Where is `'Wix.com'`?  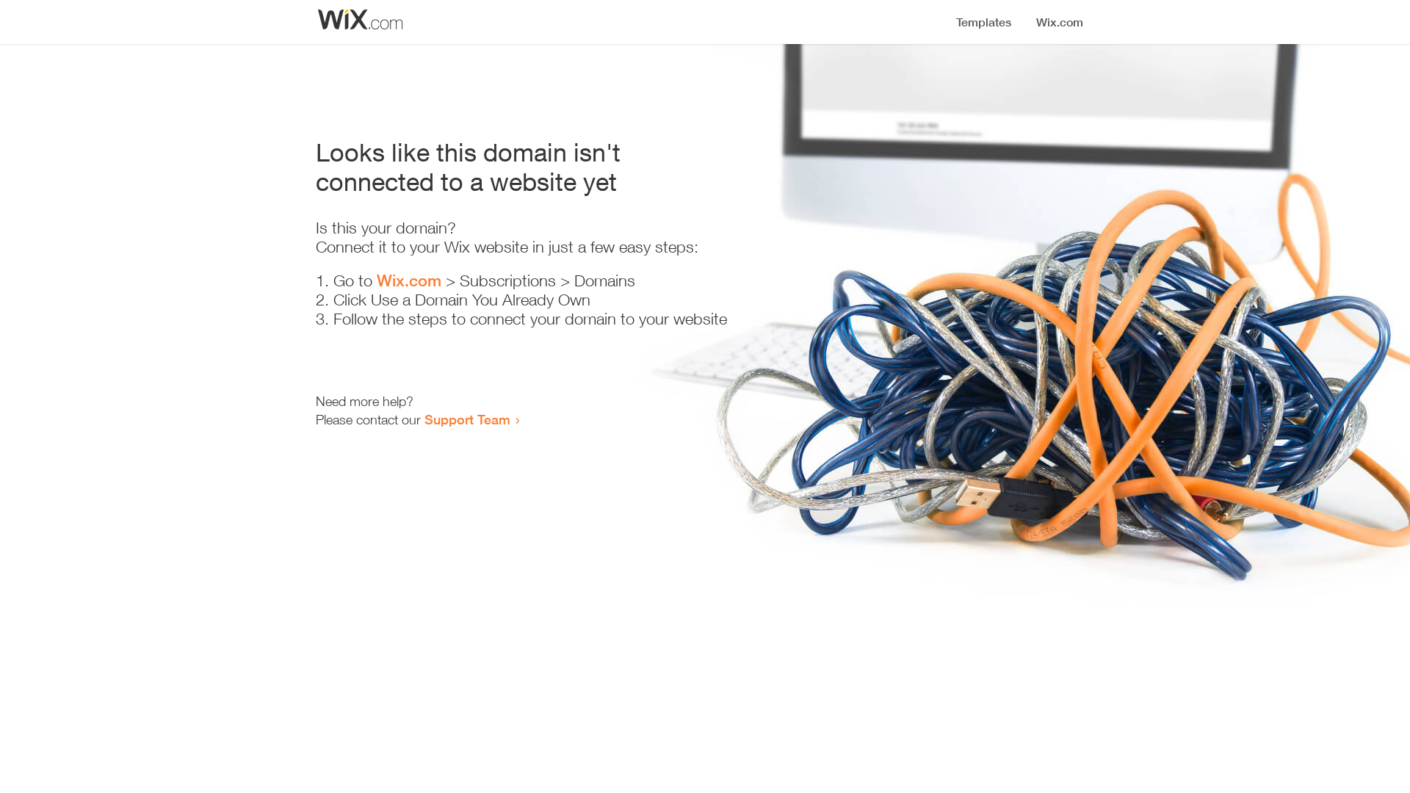 'Wix.com' is located at coordinates (408, 280).